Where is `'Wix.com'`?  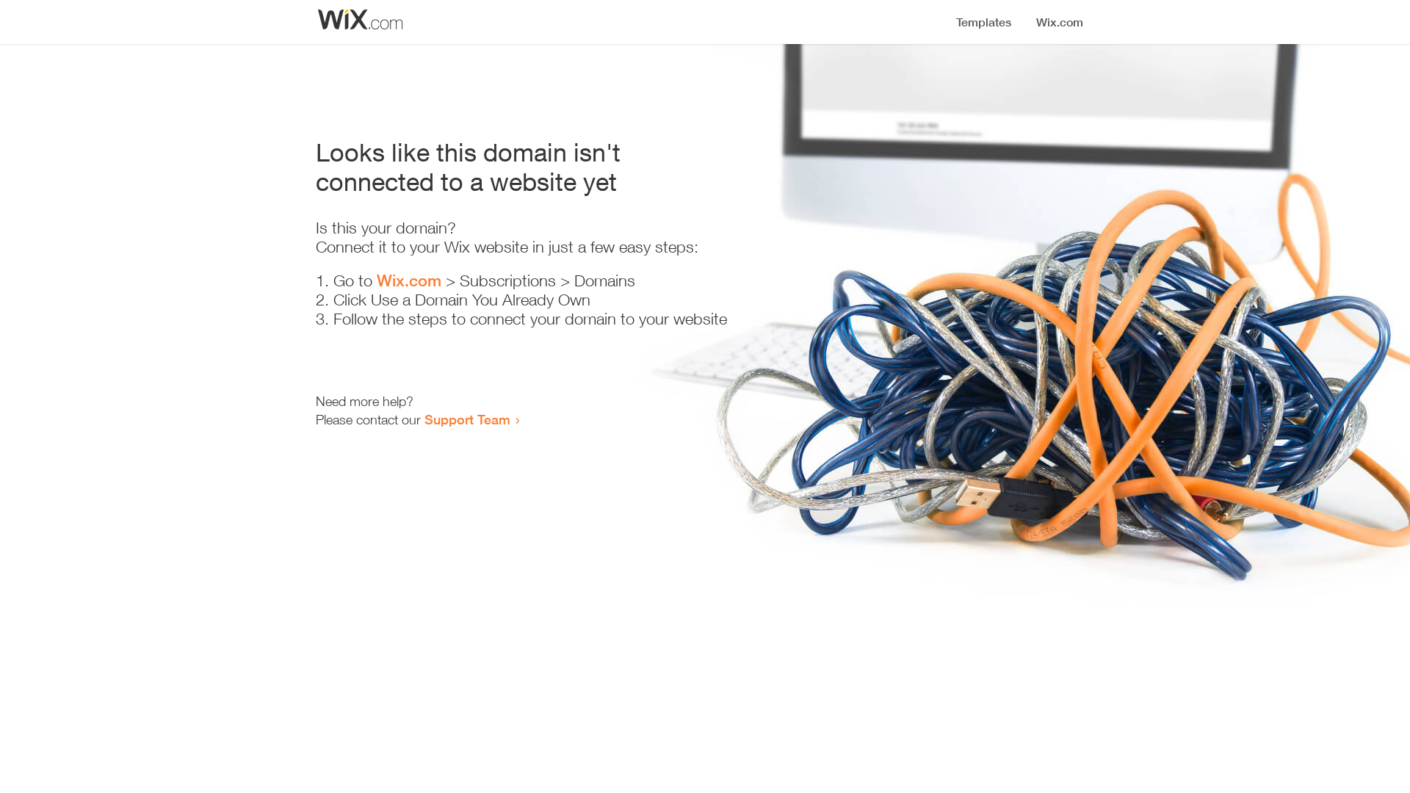 'Wix.com' is located at coordinates (408, 280).